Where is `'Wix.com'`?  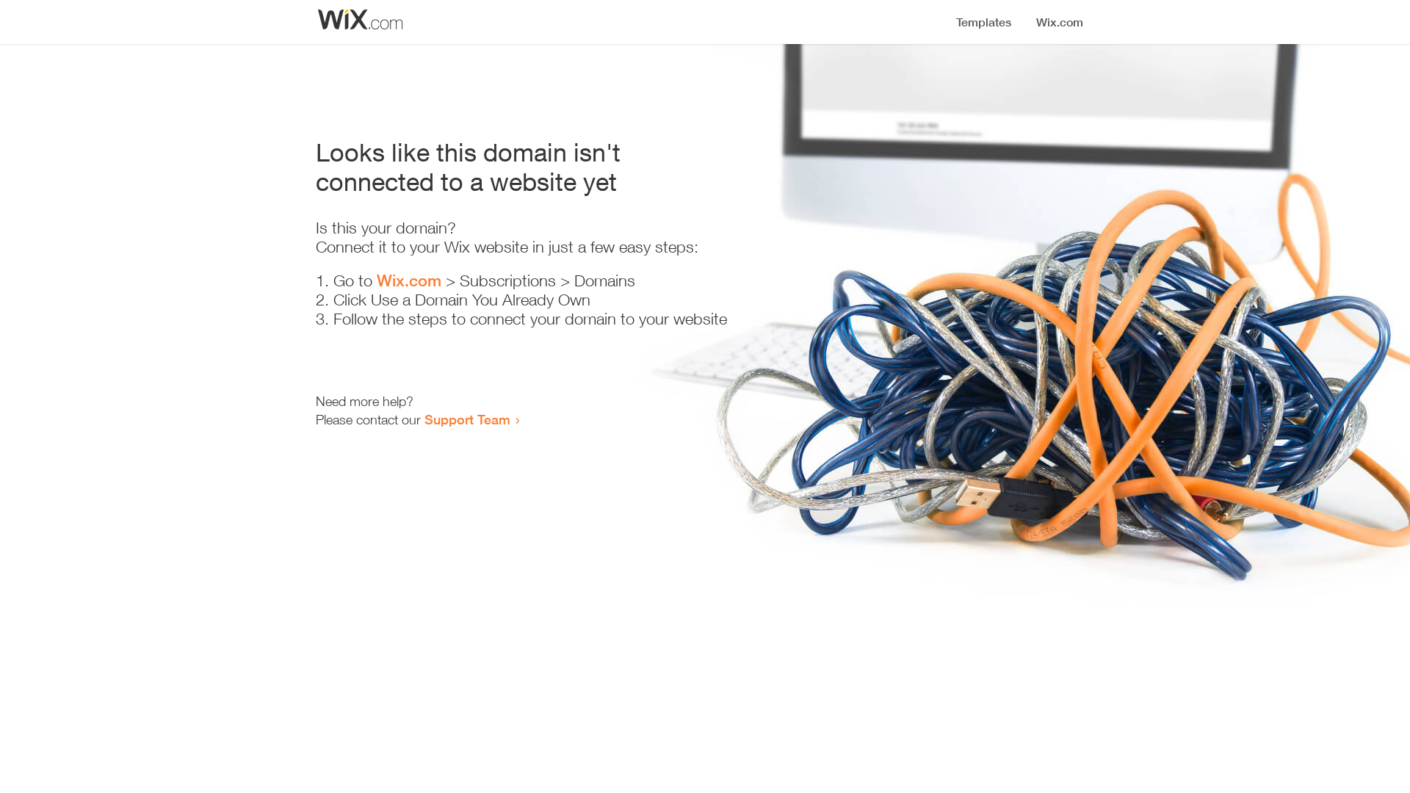 'Wix.com' is located at coordinates (408, 280).